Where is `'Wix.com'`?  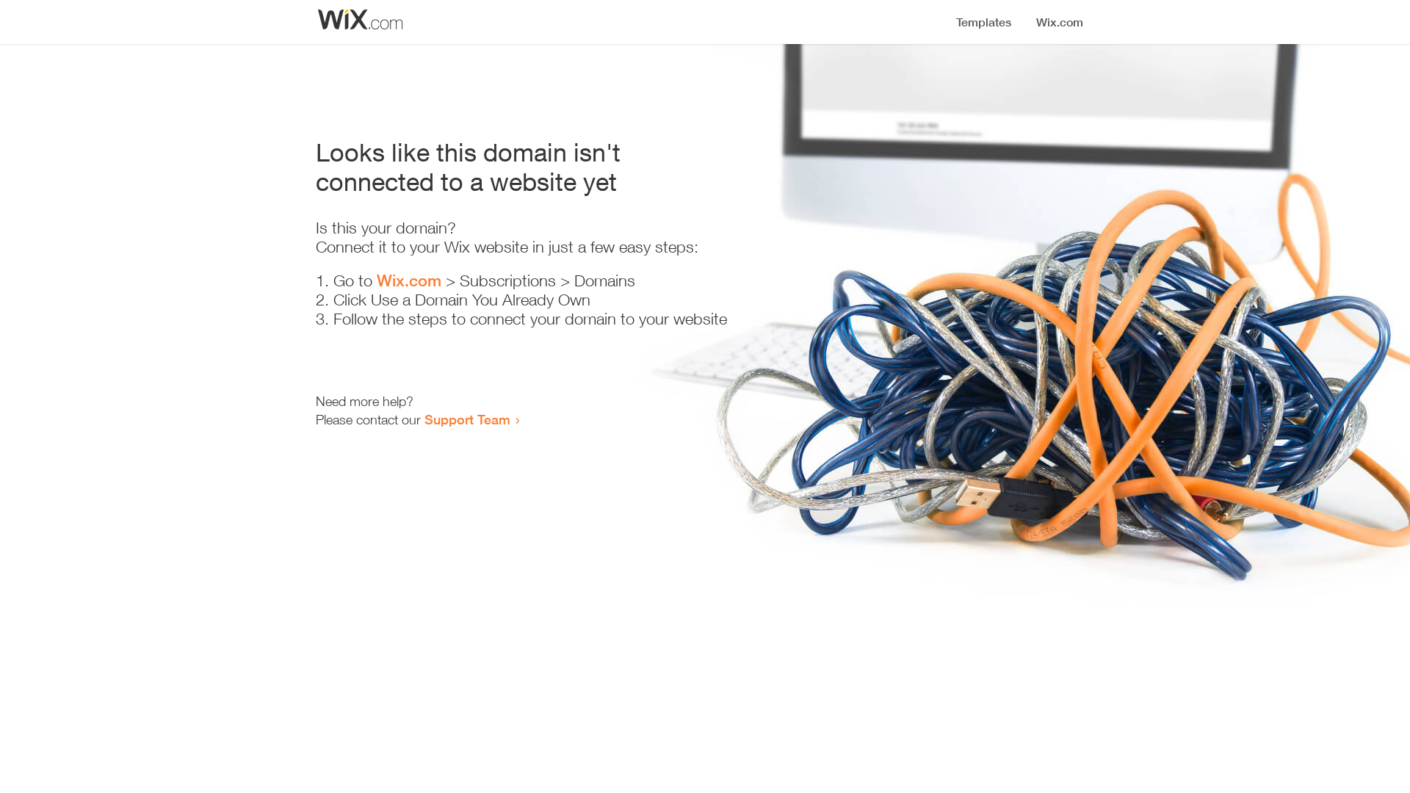 'Wix.com' is located at coordinates (408, 280).